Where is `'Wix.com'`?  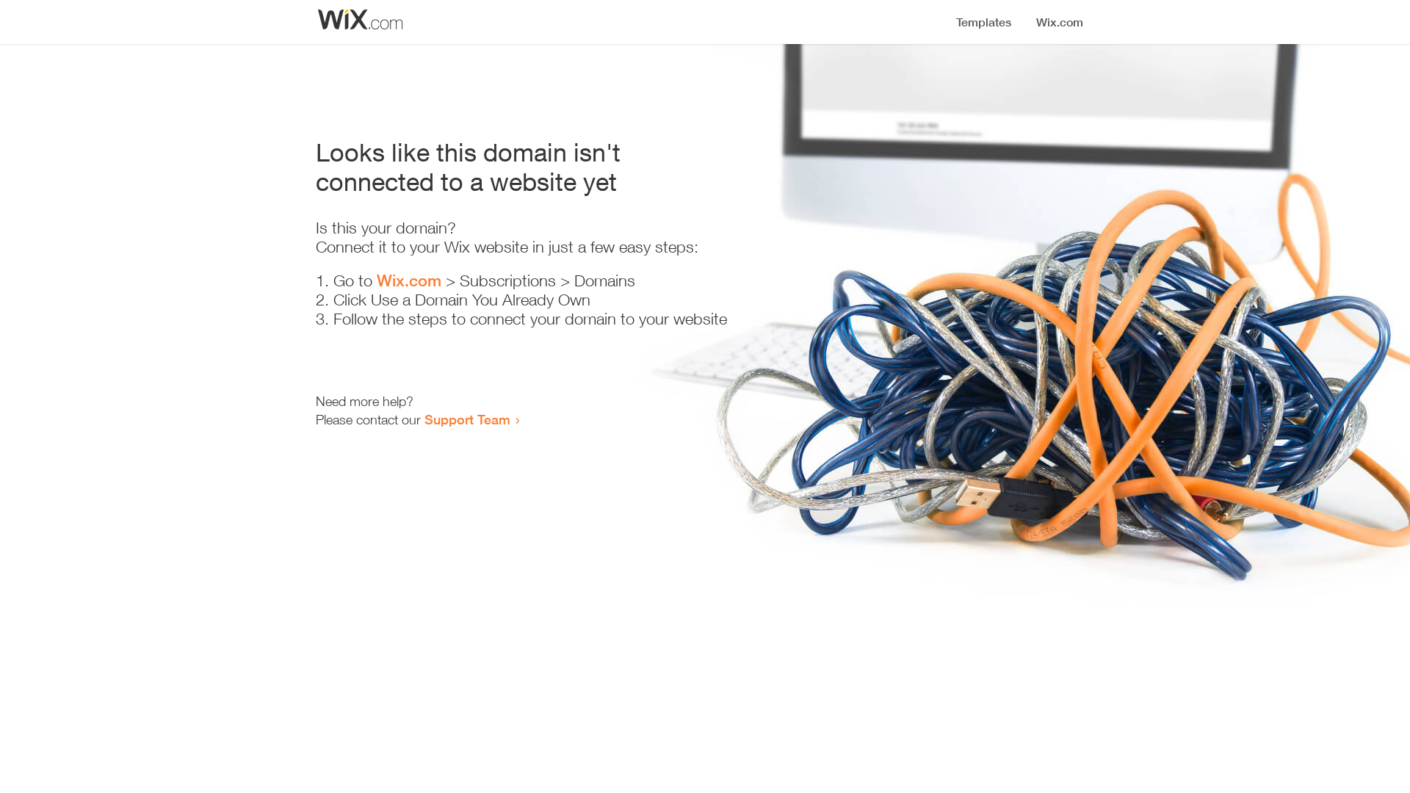 'Wix.com' is located at coordinates (408, 280).